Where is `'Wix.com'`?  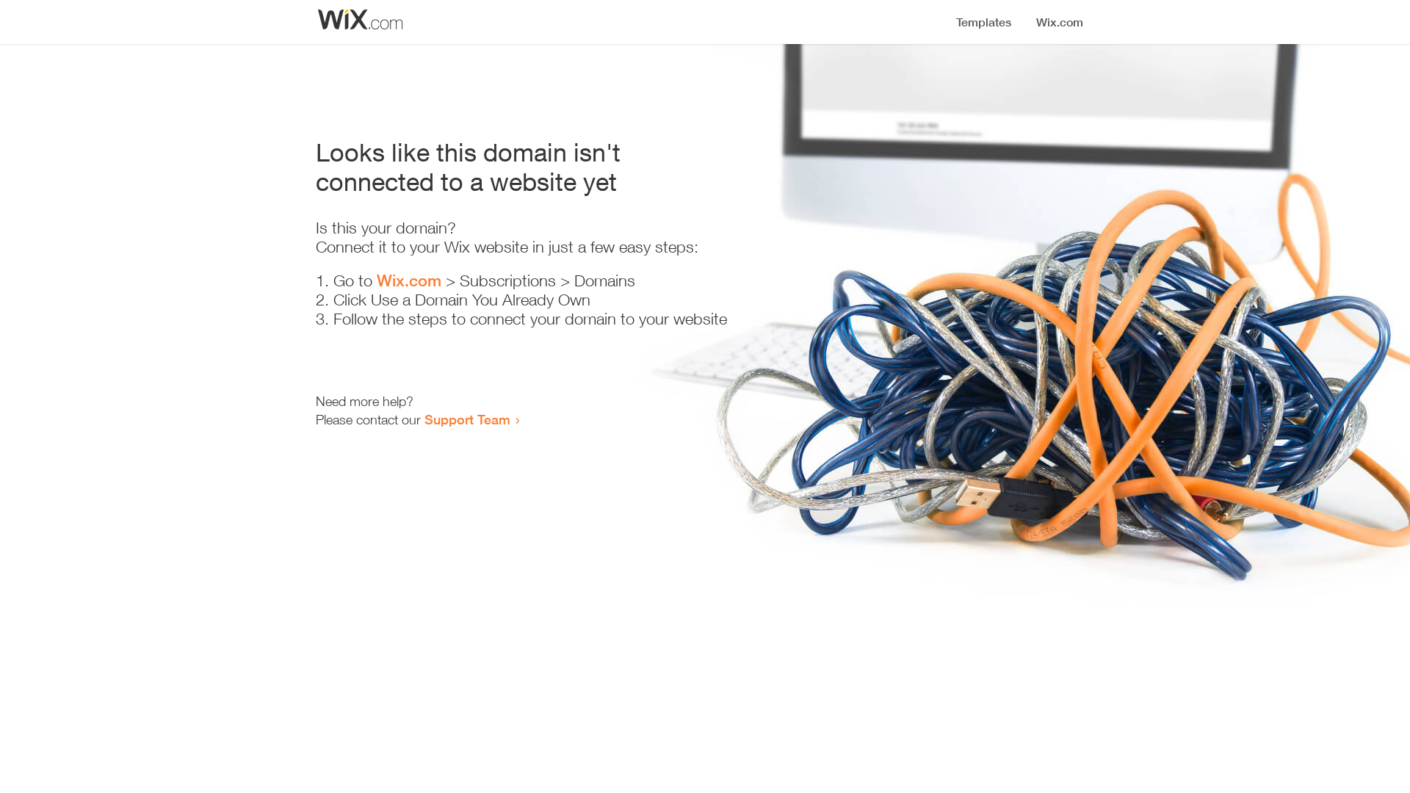 'Wix.com' is located at coordinates (408, 280).